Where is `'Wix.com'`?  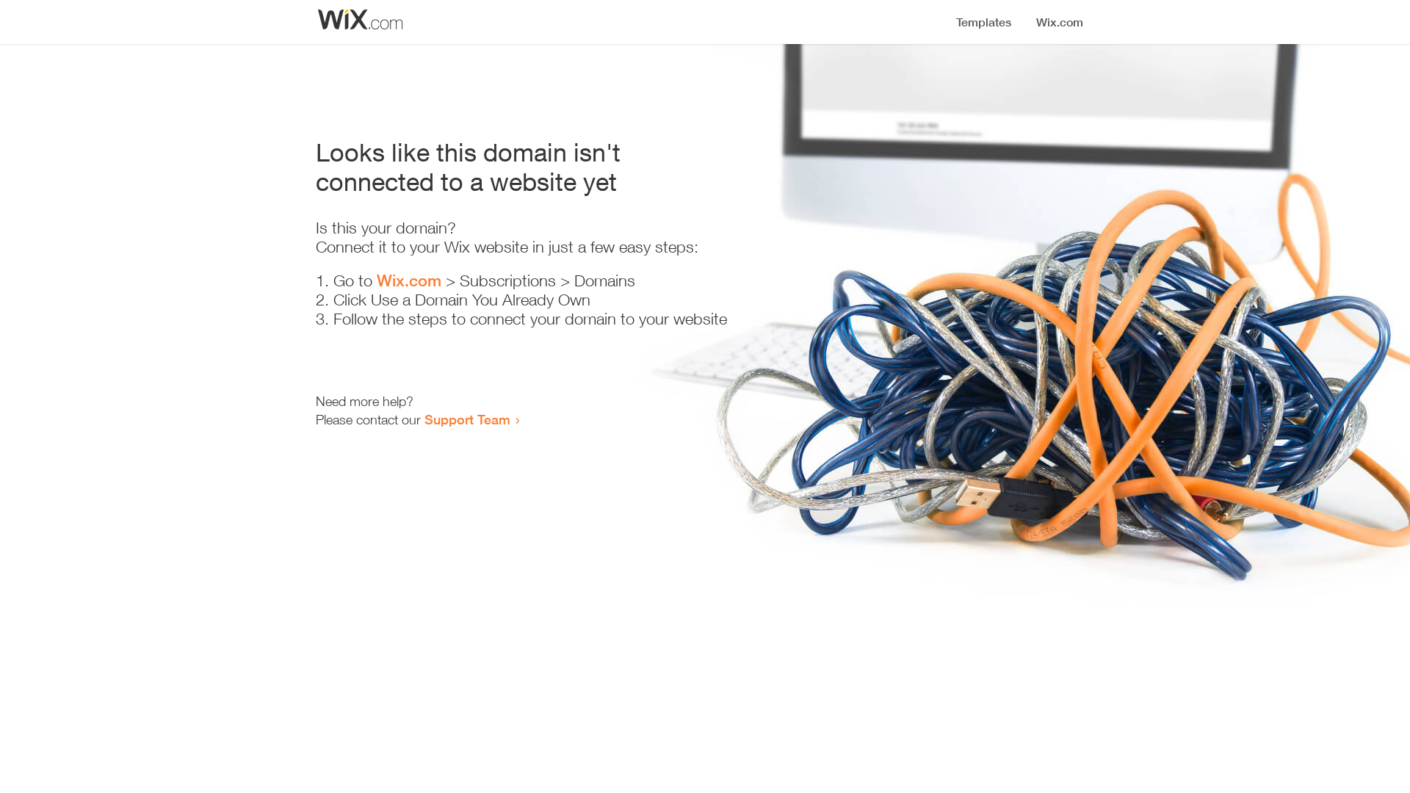 'Wix.com' is located at coordinates (408, 280).